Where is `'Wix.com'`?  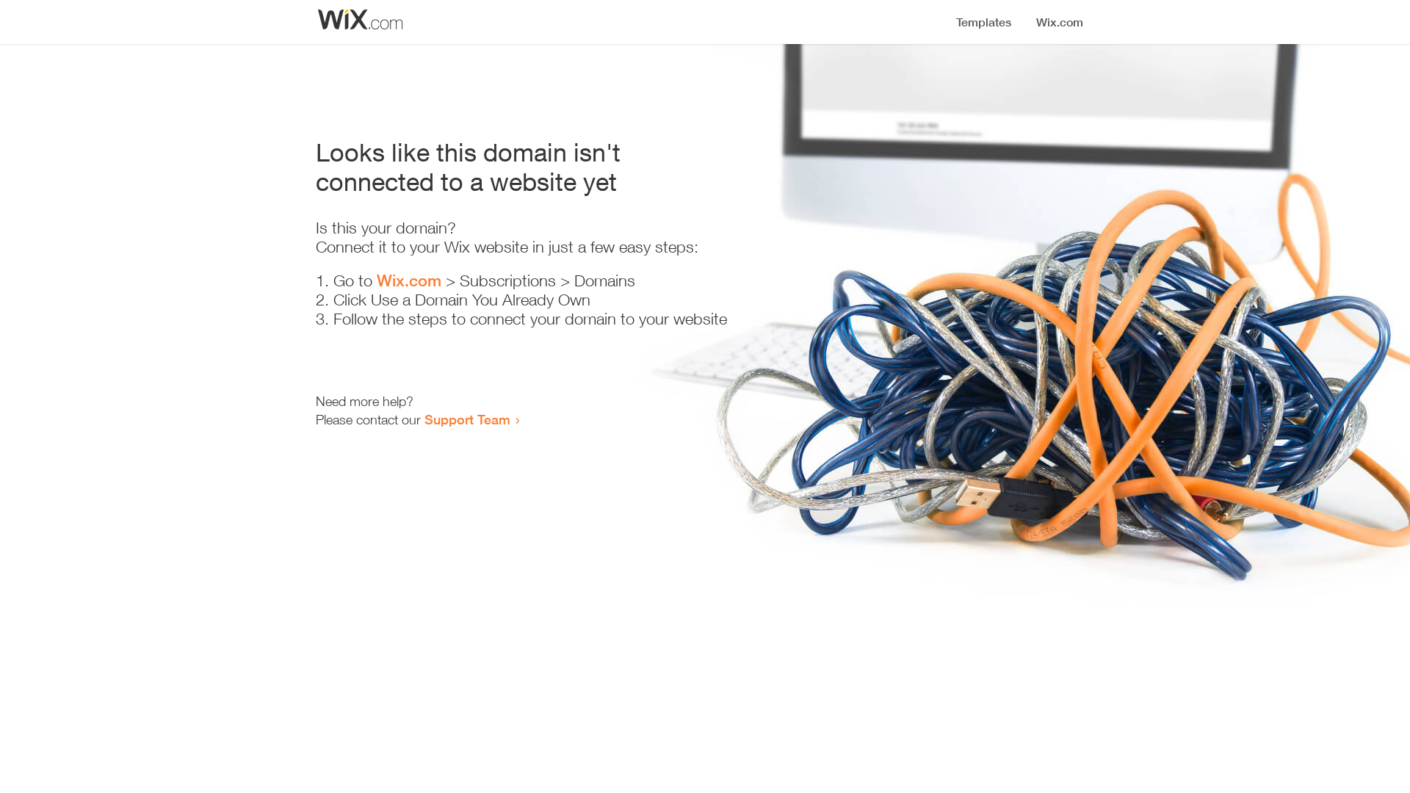 'Wix.com' is located at coordinates (408, 280).